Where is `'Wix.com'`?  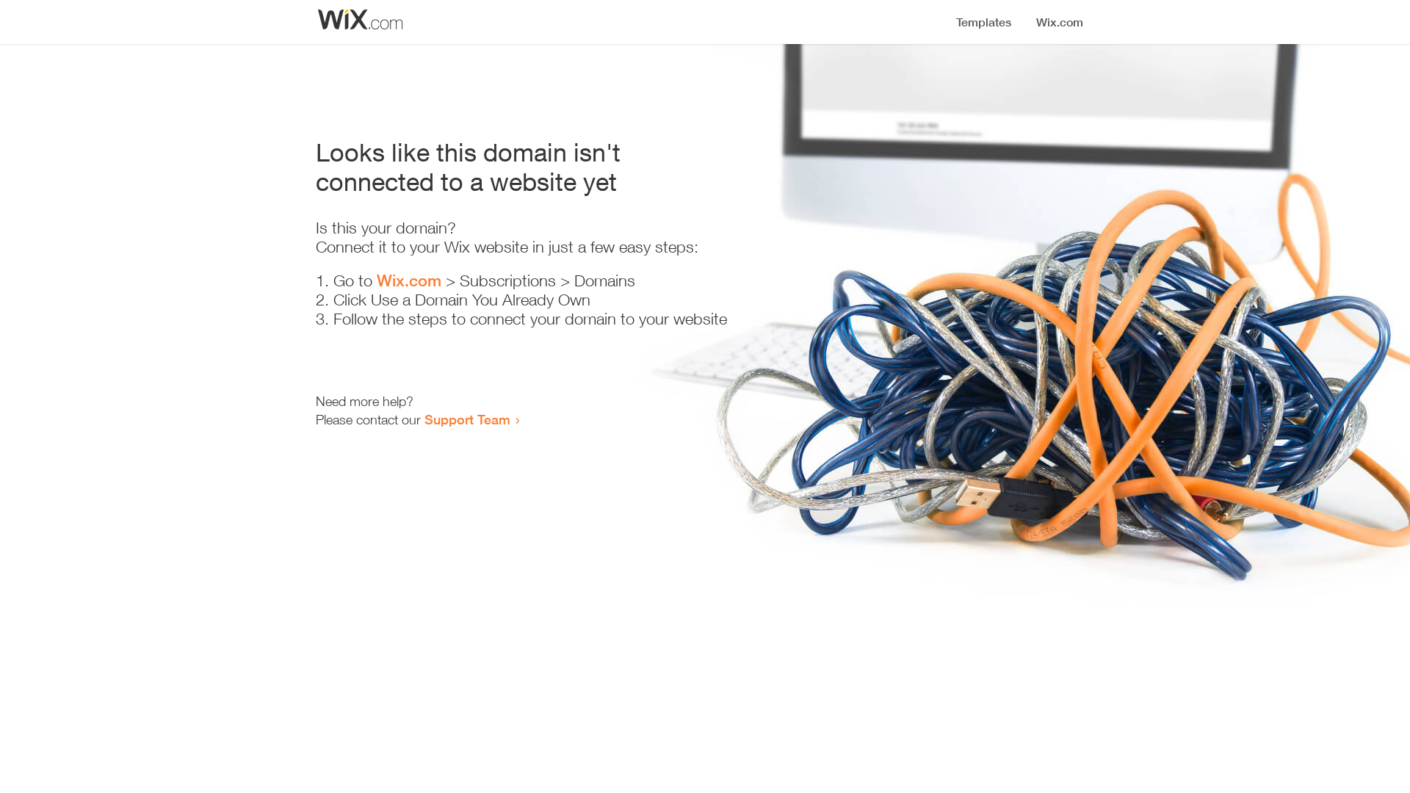 'Wix.com' is located at coordinates (408, 280).